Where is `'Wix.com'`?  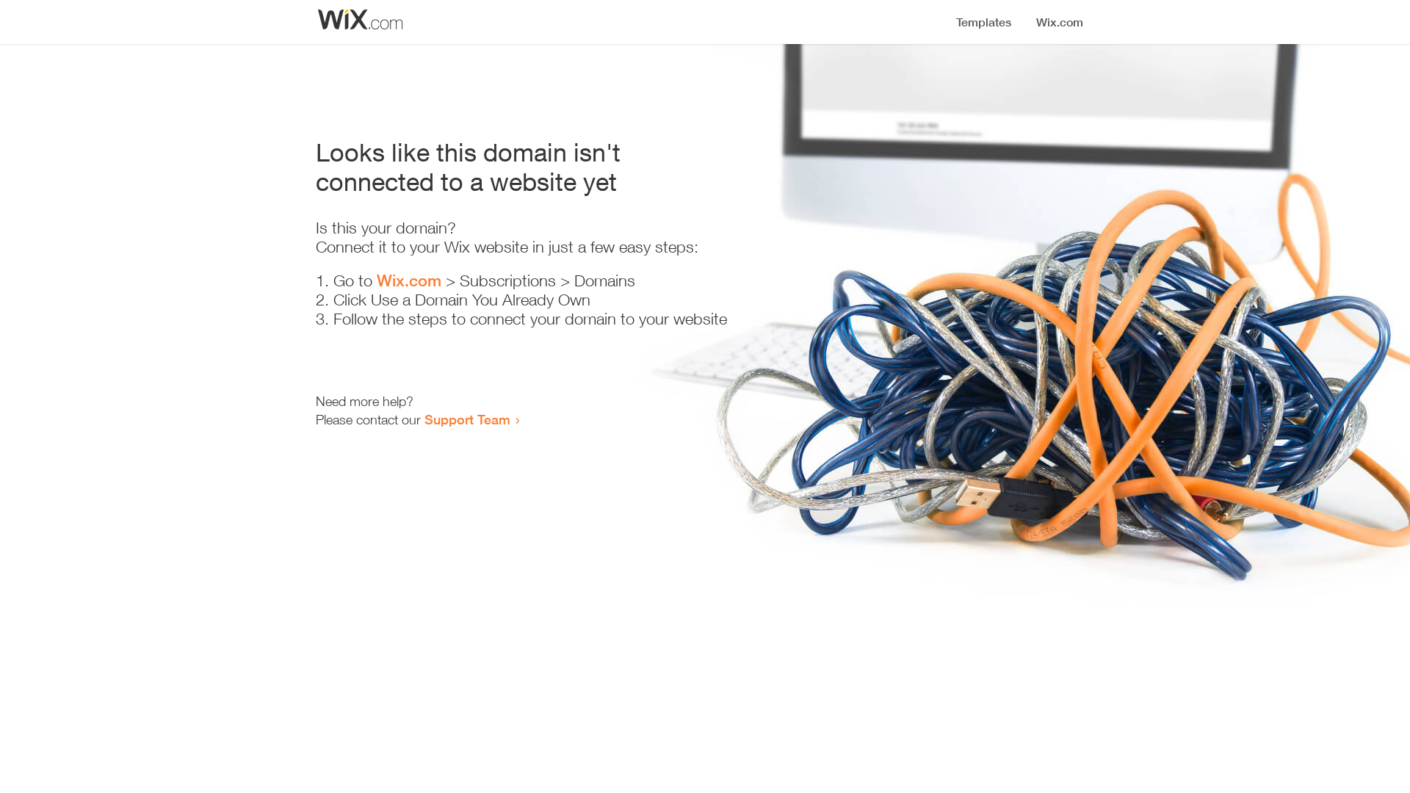 'Wix.com' is located at coordinates (408, 280).